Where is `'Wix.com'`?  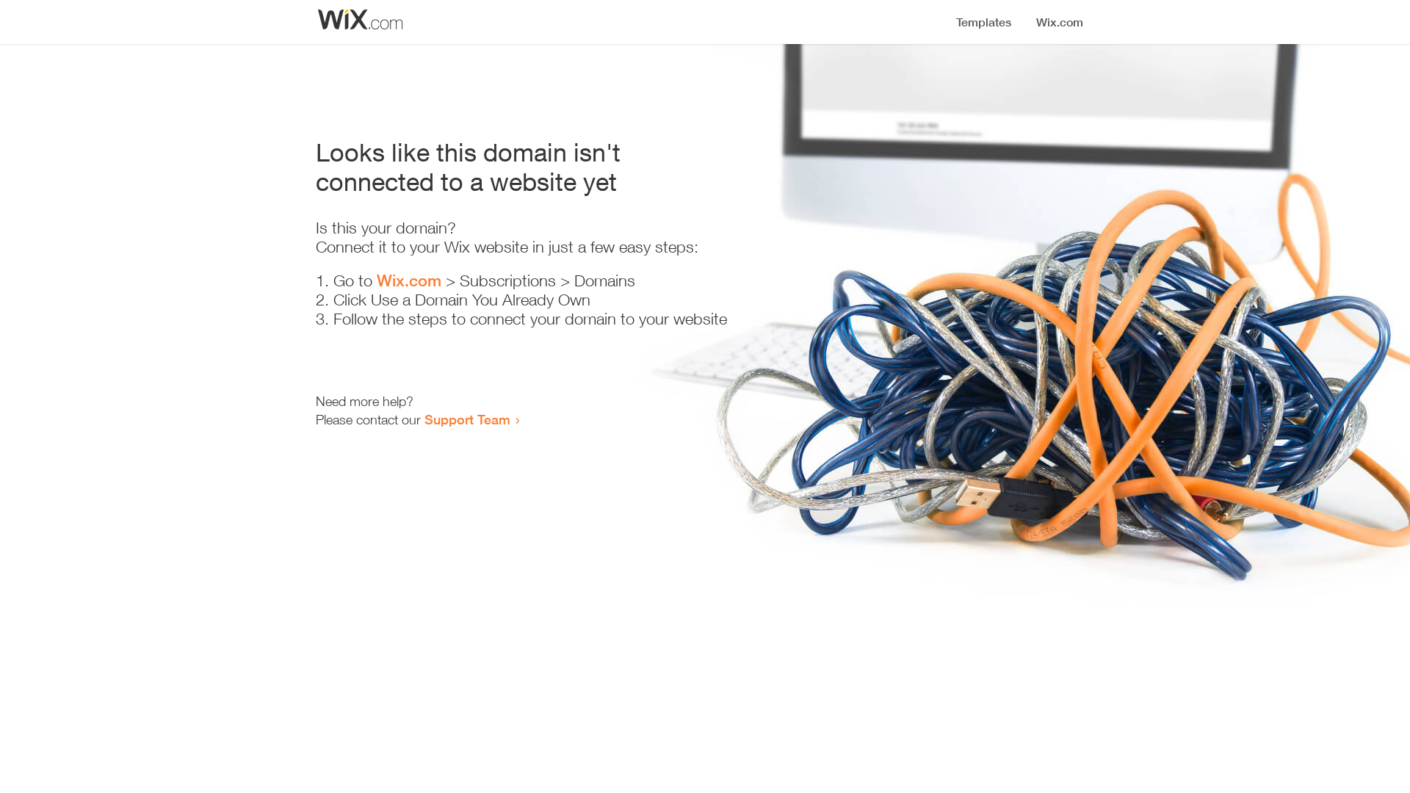 'Wix.com' is located at coordinates (408, 280).